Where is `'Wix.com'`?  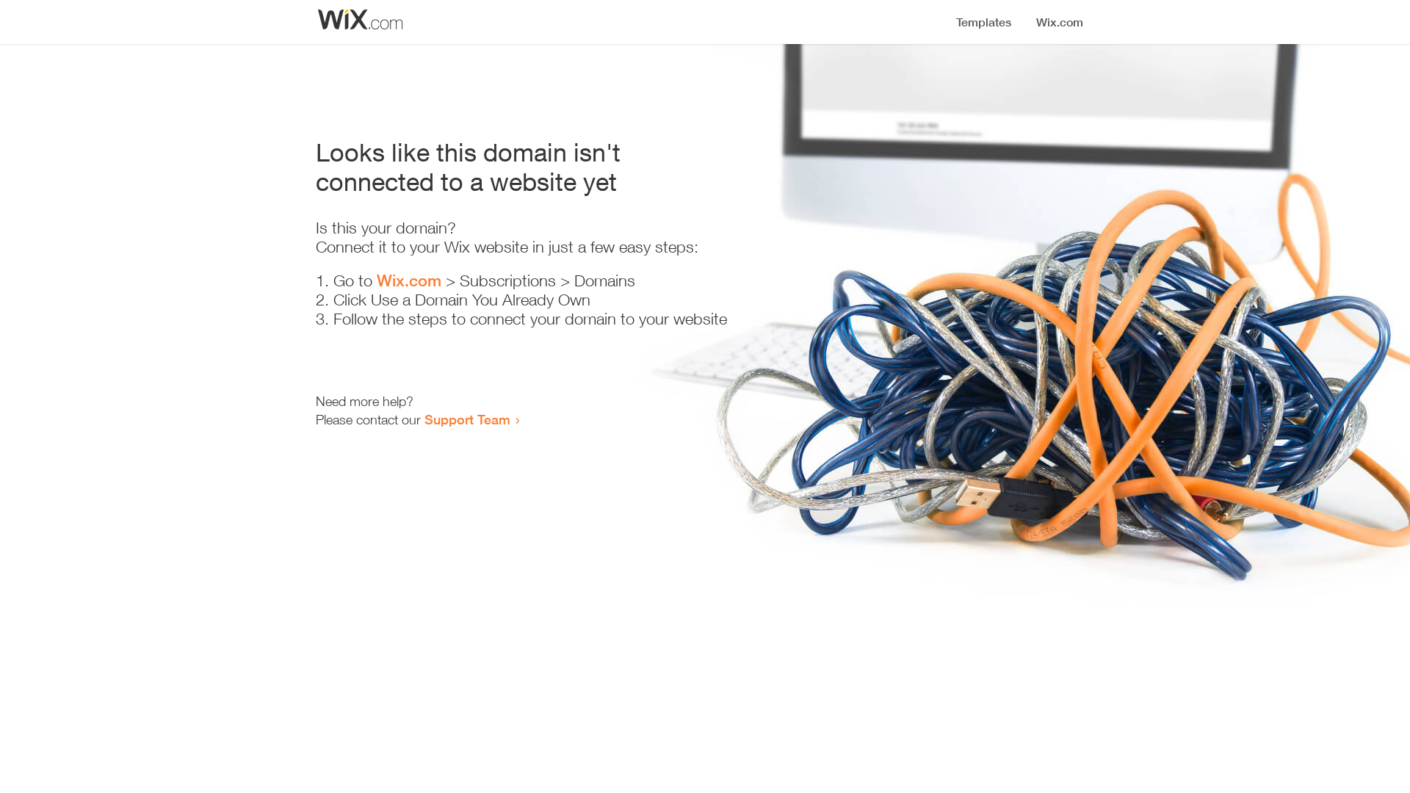 'Wix.com' is located at coordinates (408, 280).